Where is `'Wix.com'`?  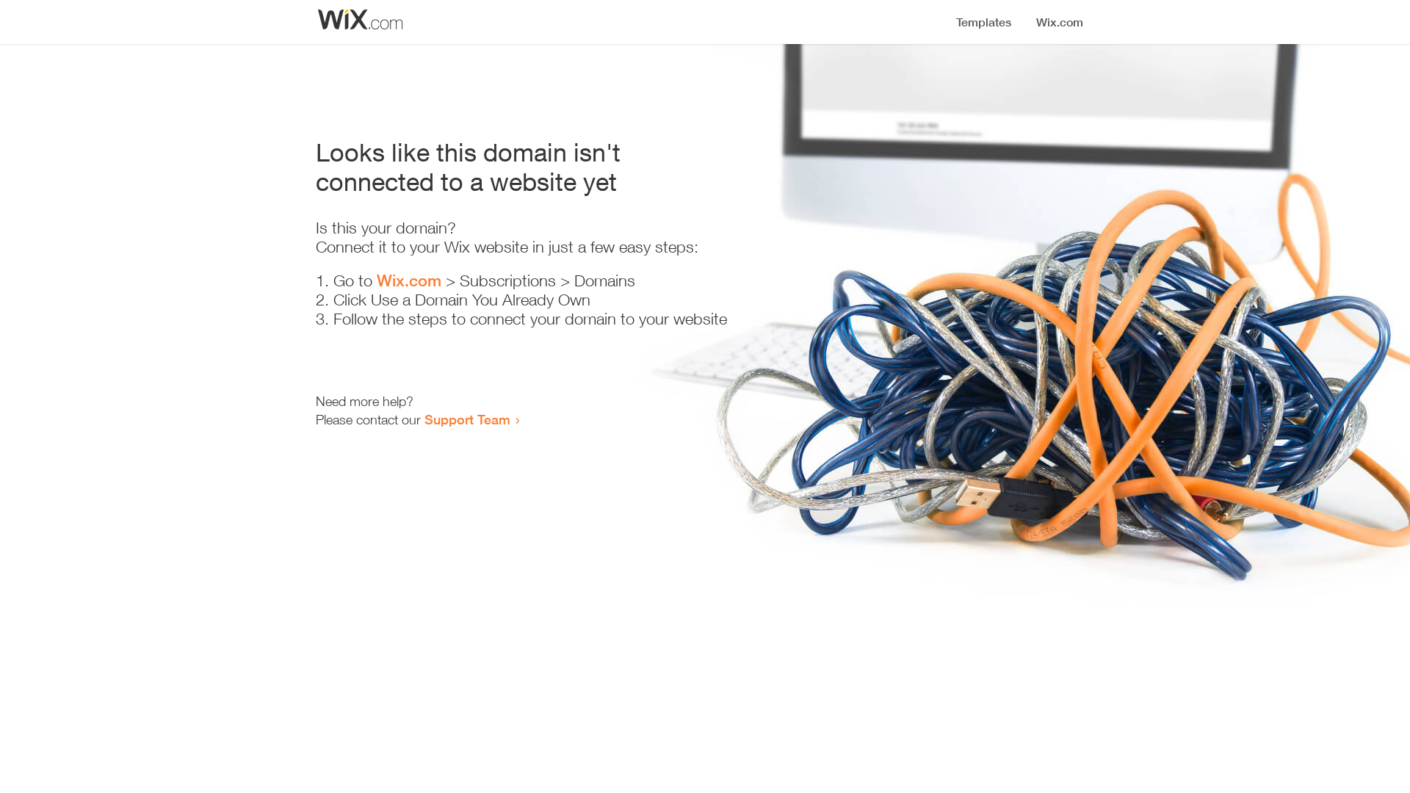 'Wix.com' is located at coordinates (408, 280).